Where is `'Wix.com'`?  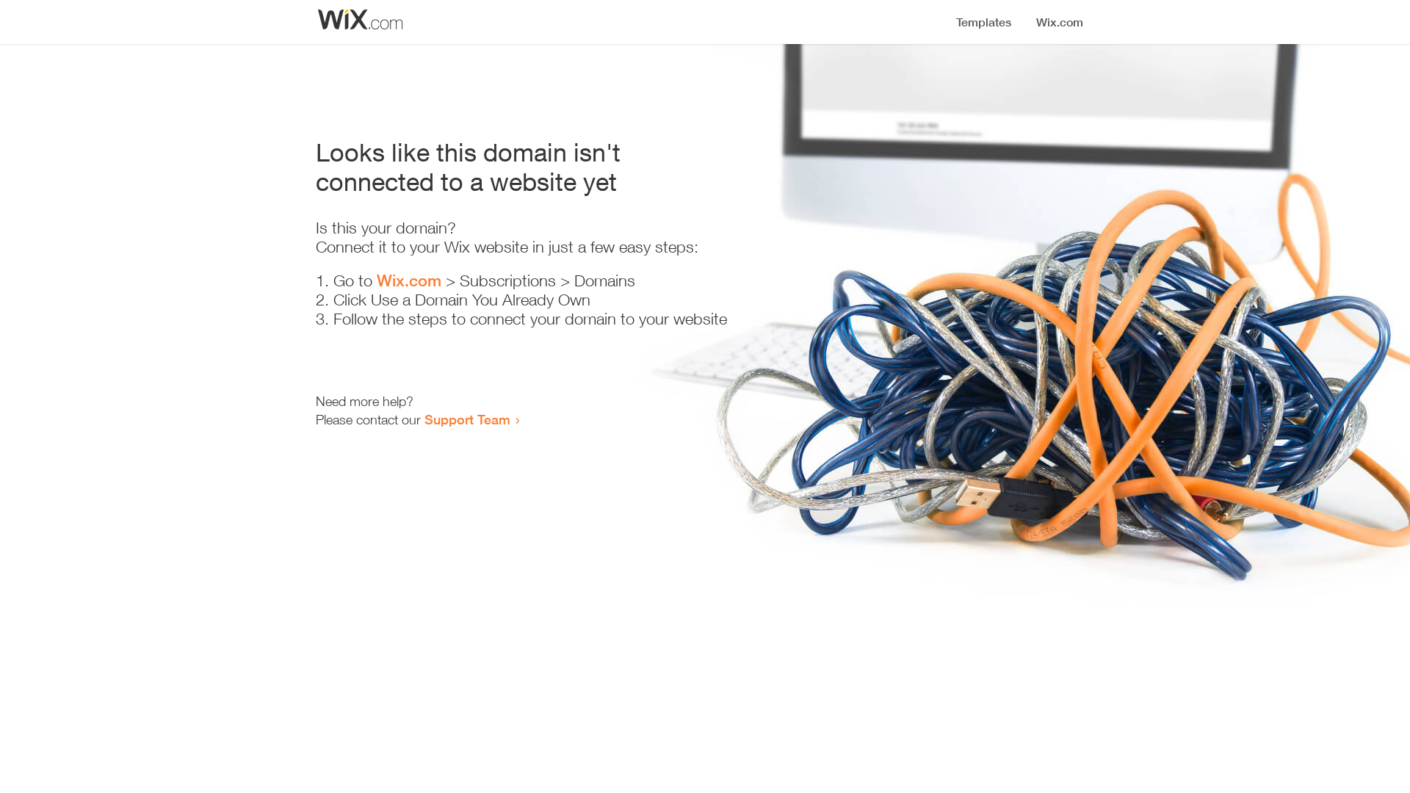 'Wix.com' is located at coordinates (408, 280).